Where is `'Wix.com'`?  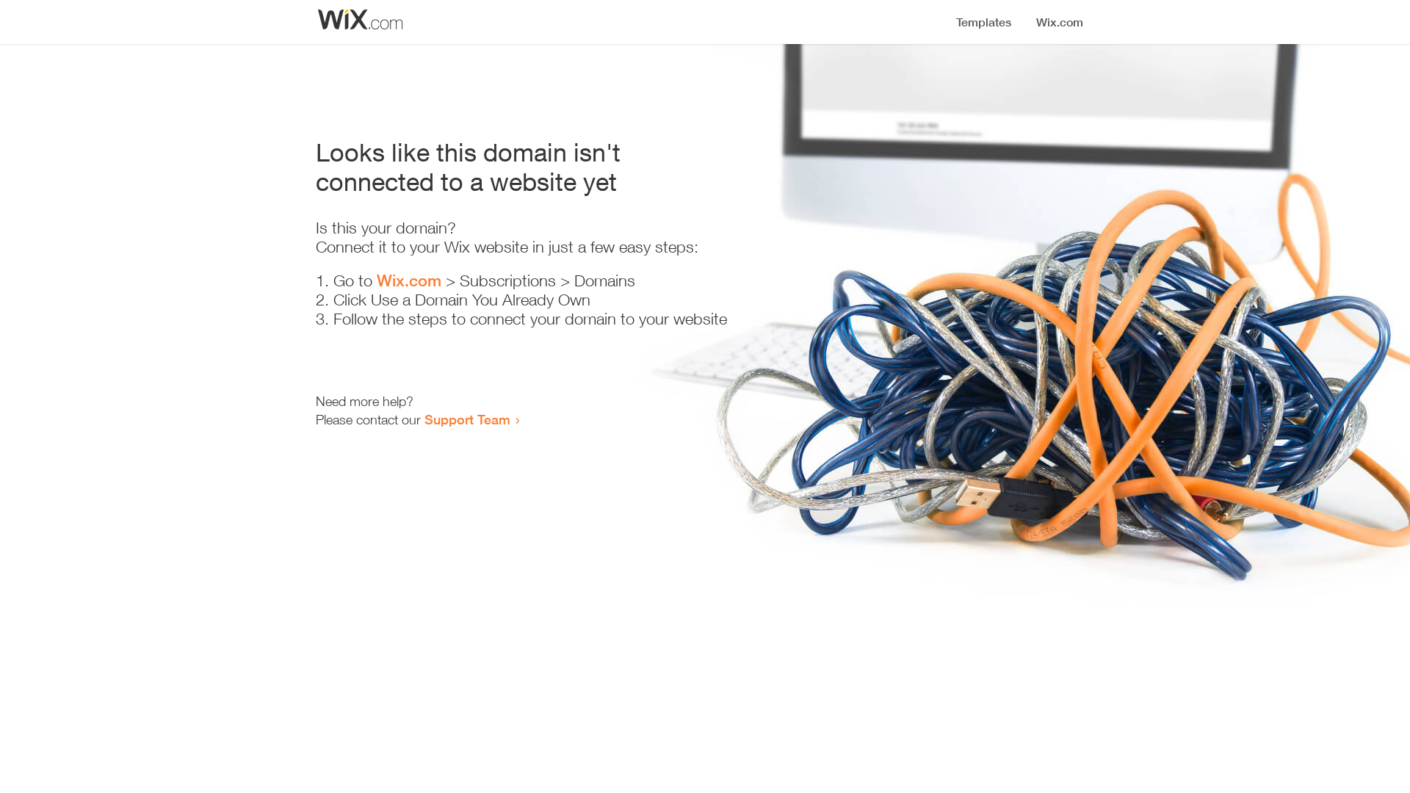 'Wix.com' is located at coordinates (408, 280).